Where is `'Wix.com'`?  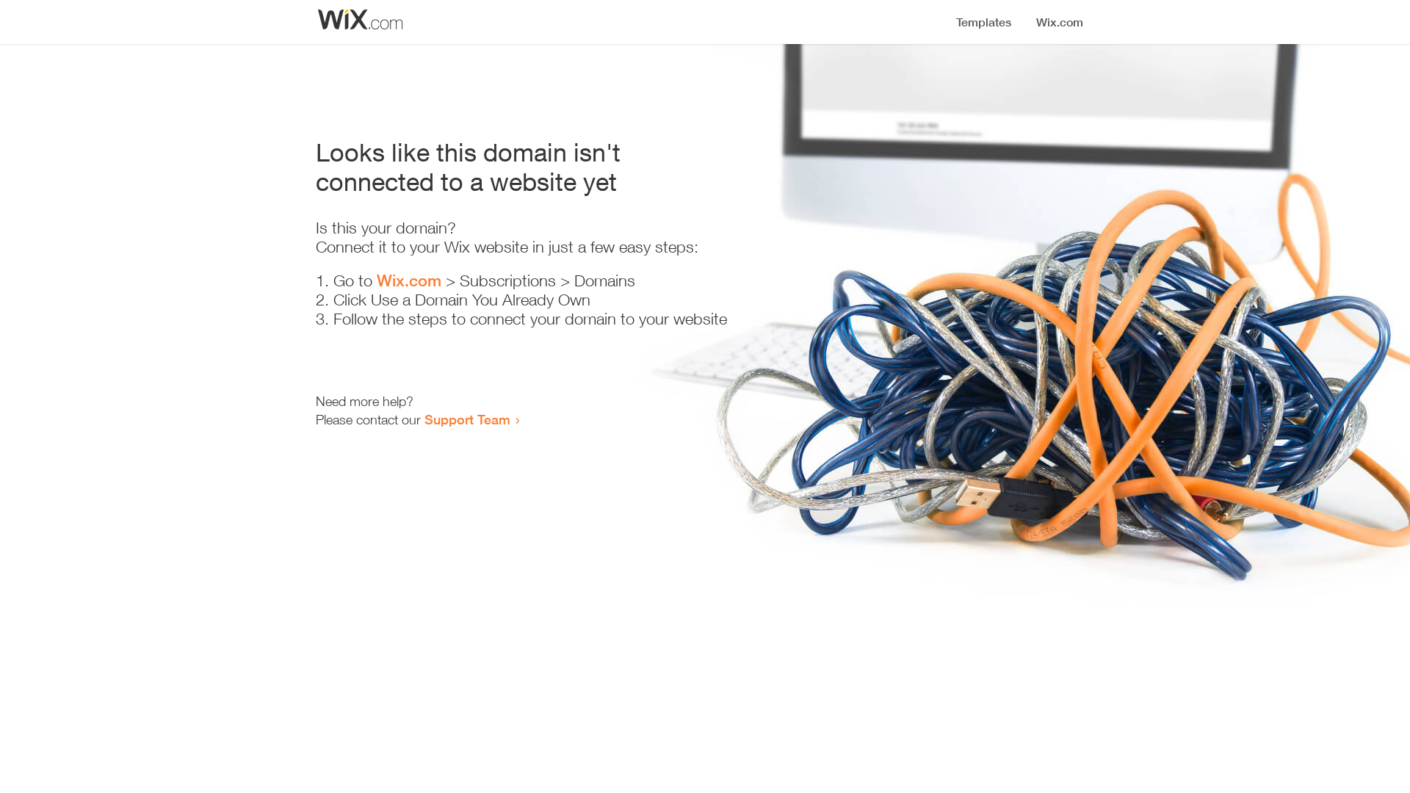 'Wix.com' is located at coordinates (408, 280).